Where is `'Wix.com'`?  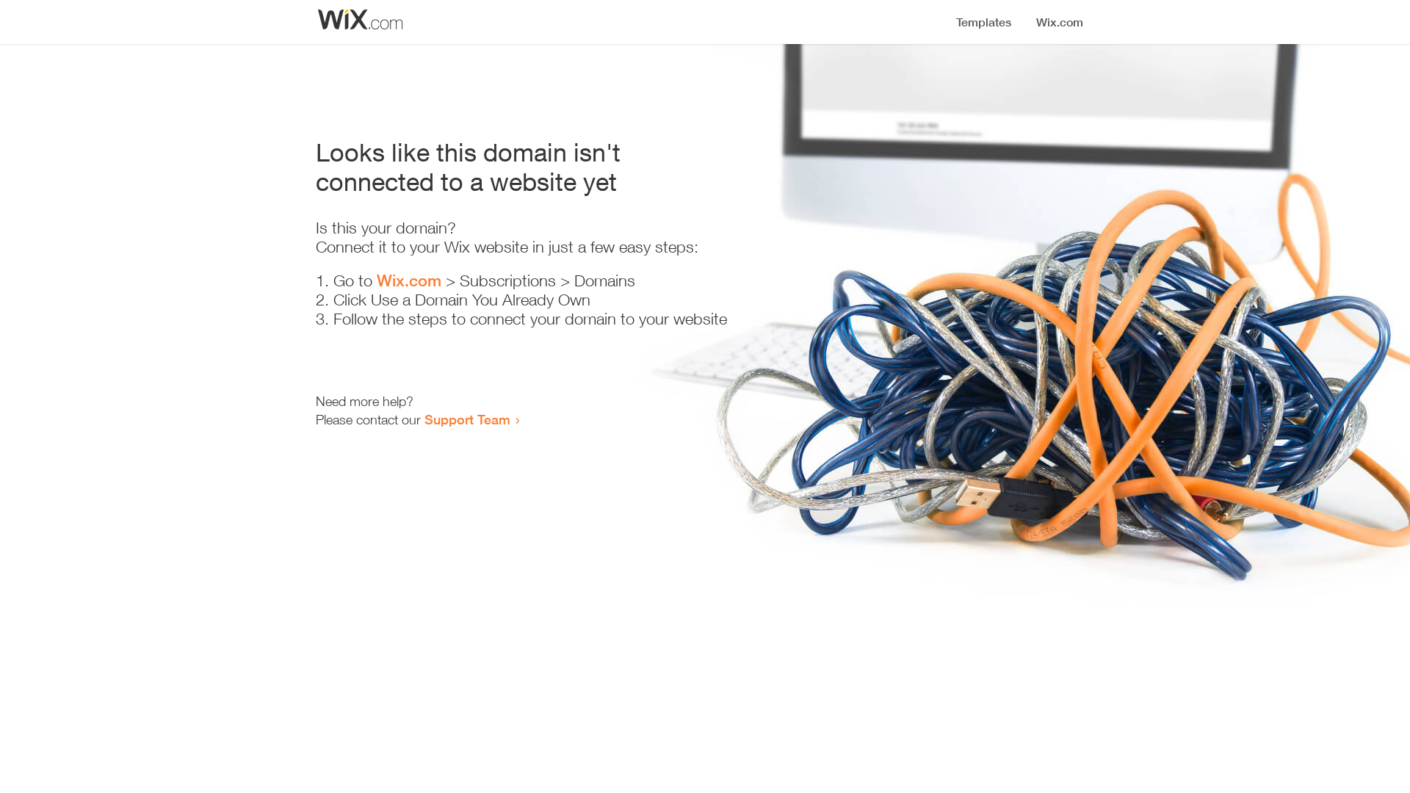 'Wix.com' is located at coordinates (408, 280).